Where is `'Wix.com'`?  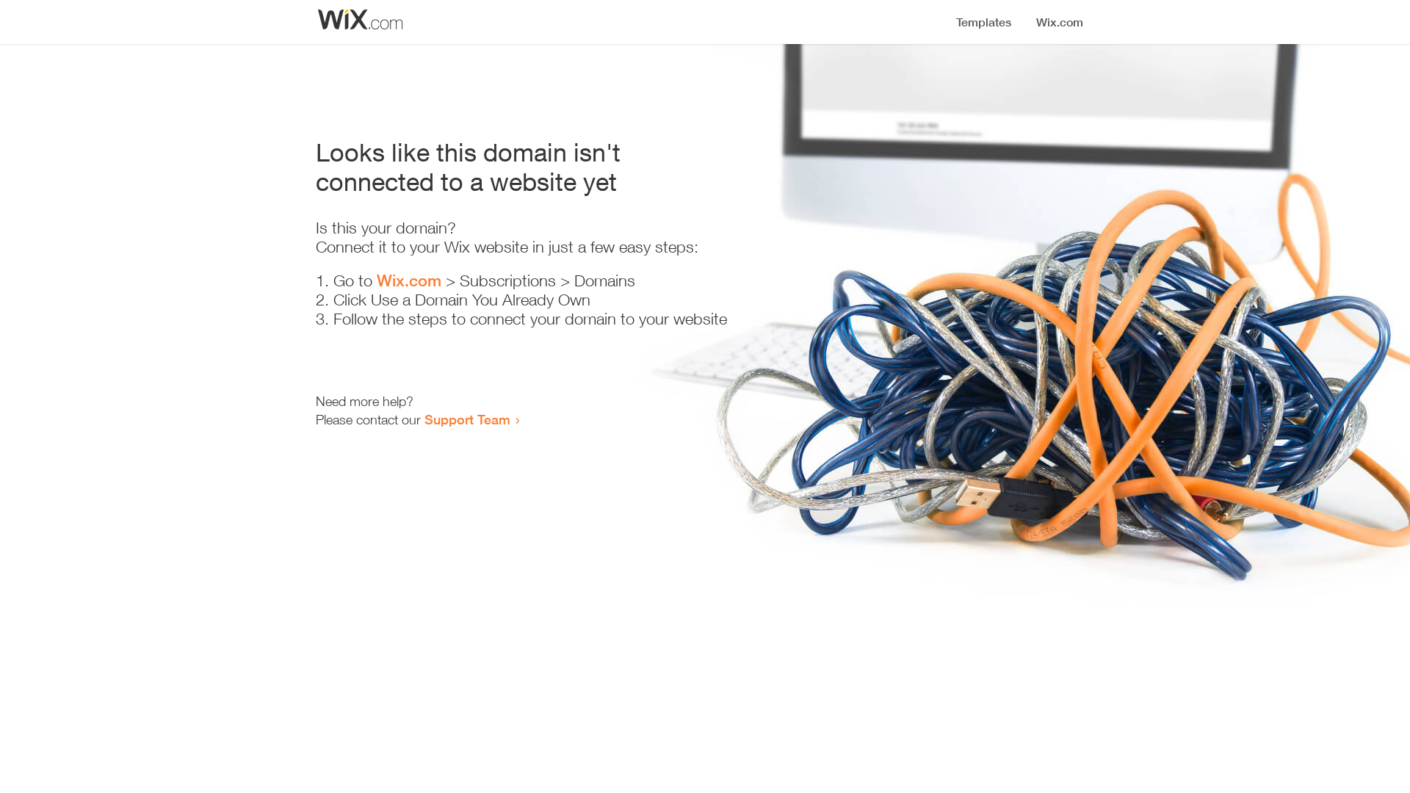 'Wix.com' is located at coordinates (408, 280).